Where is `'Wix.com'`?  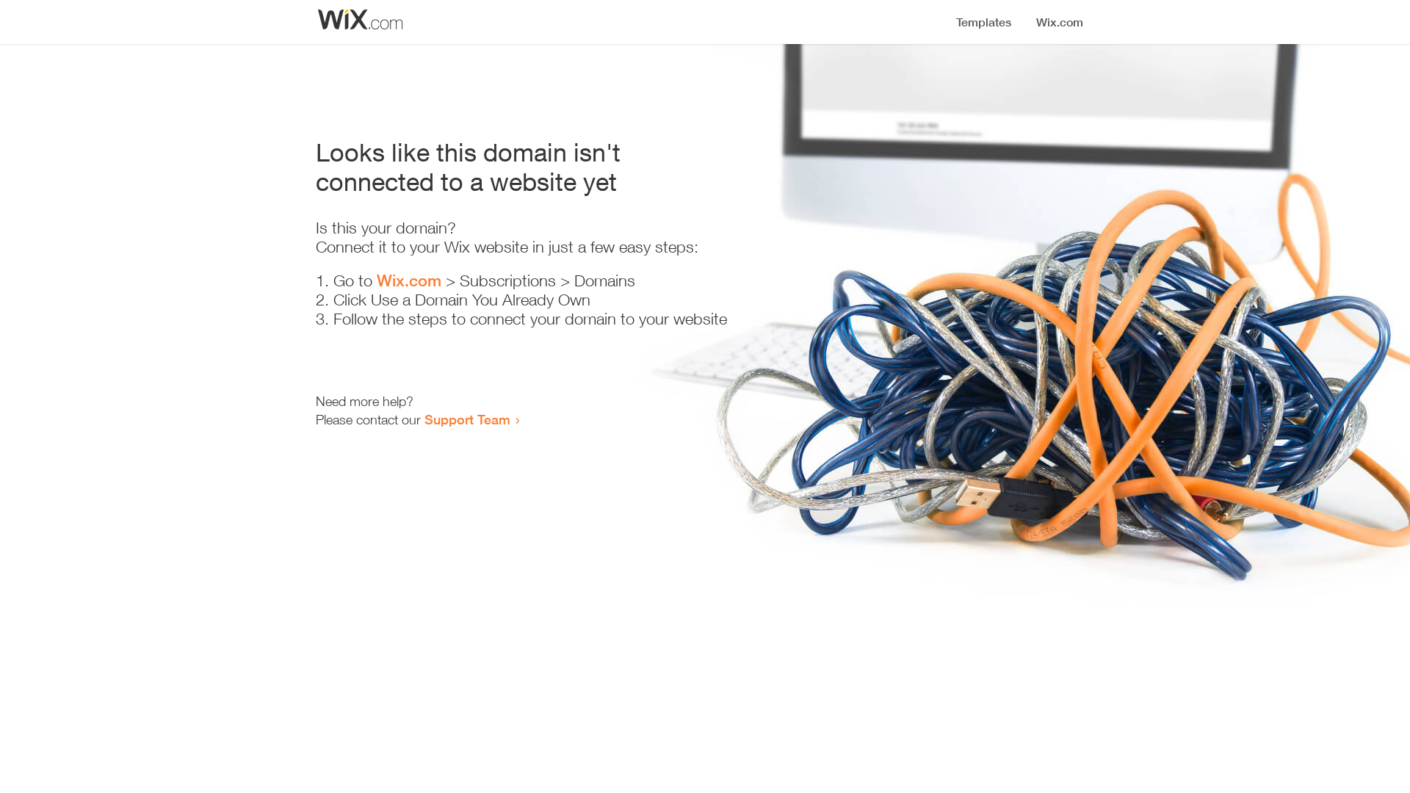 'Wix.com' is located at coordinates (408, 280).